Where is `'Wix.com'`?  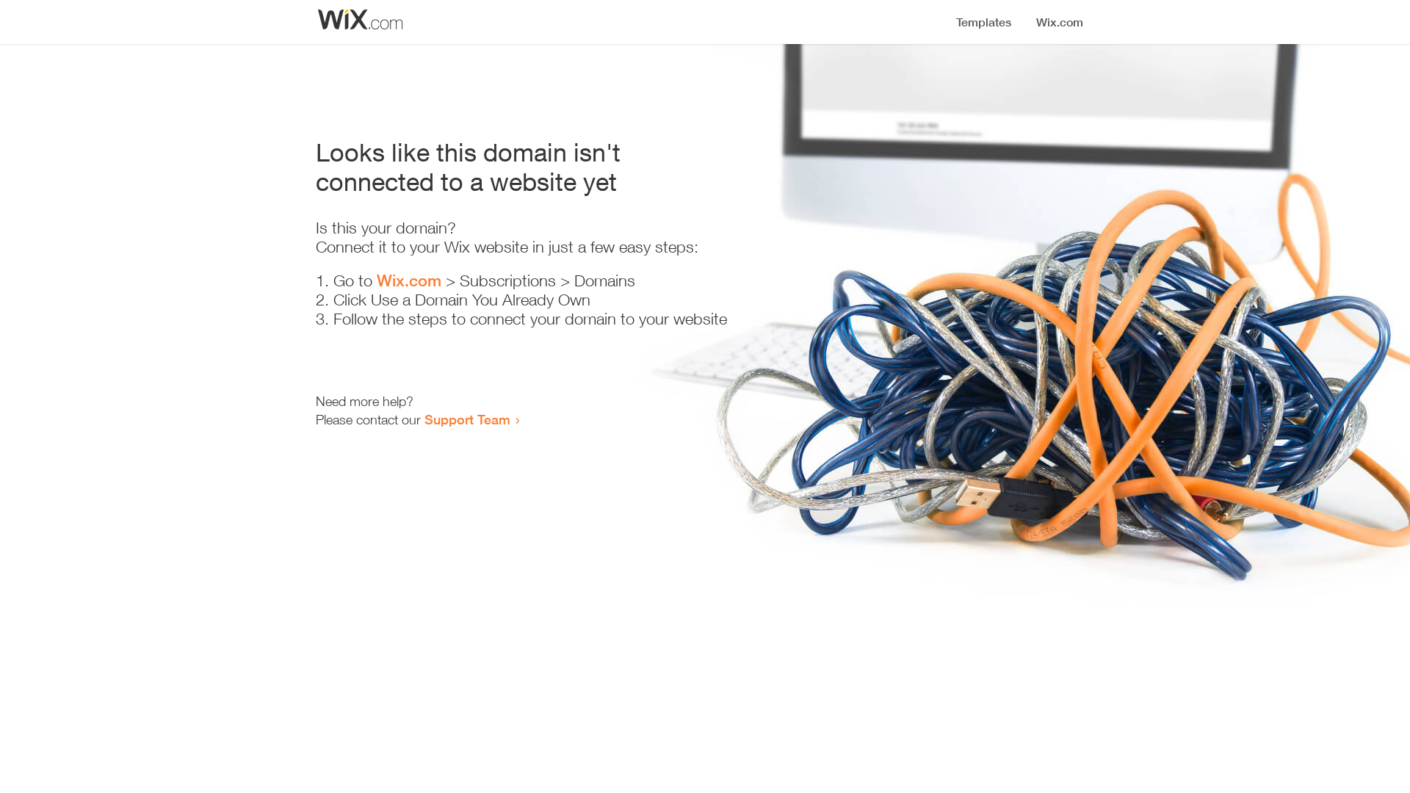 'Wix.com' is located at coordinates (408, 280).